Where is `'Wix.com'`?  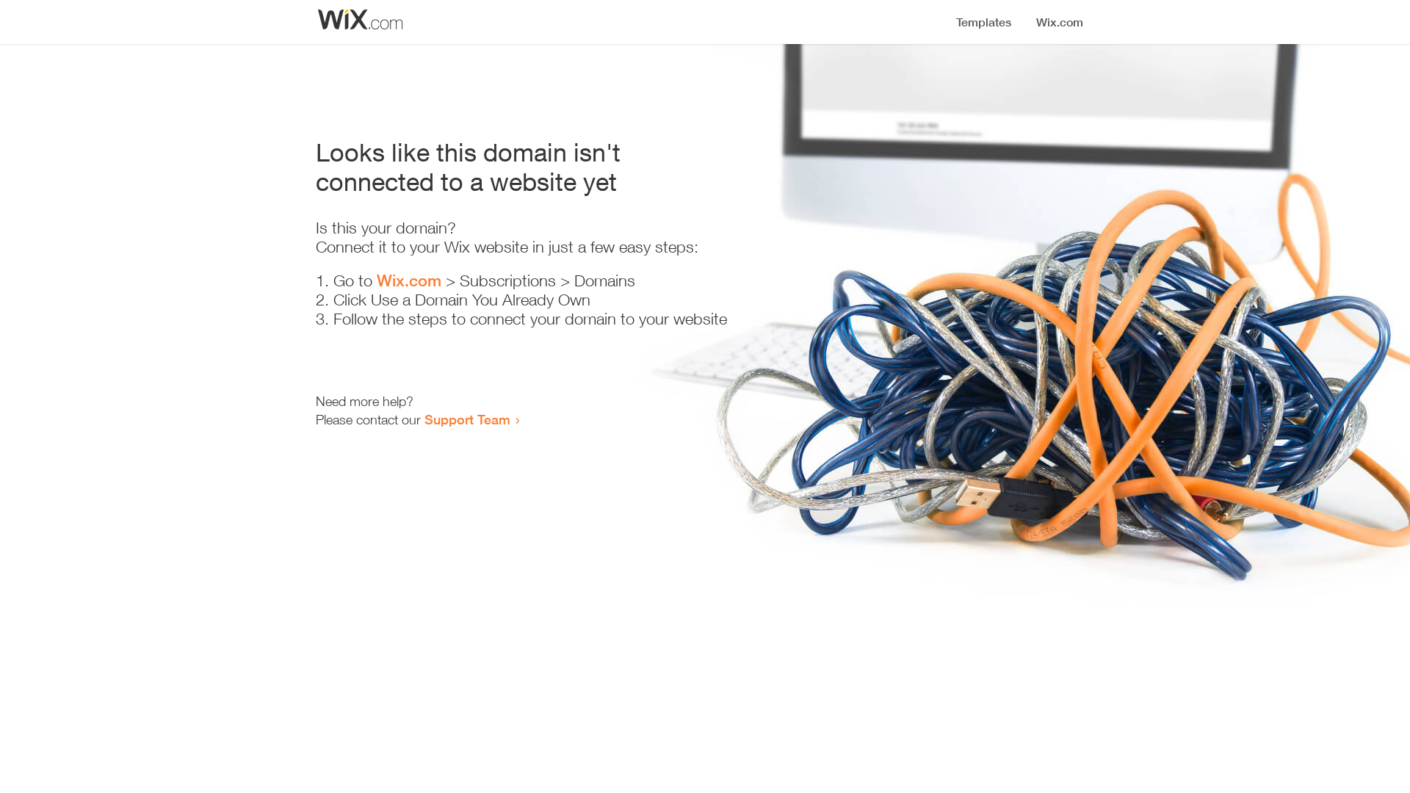 'Wix.com' is located at coordinates (408, 280).